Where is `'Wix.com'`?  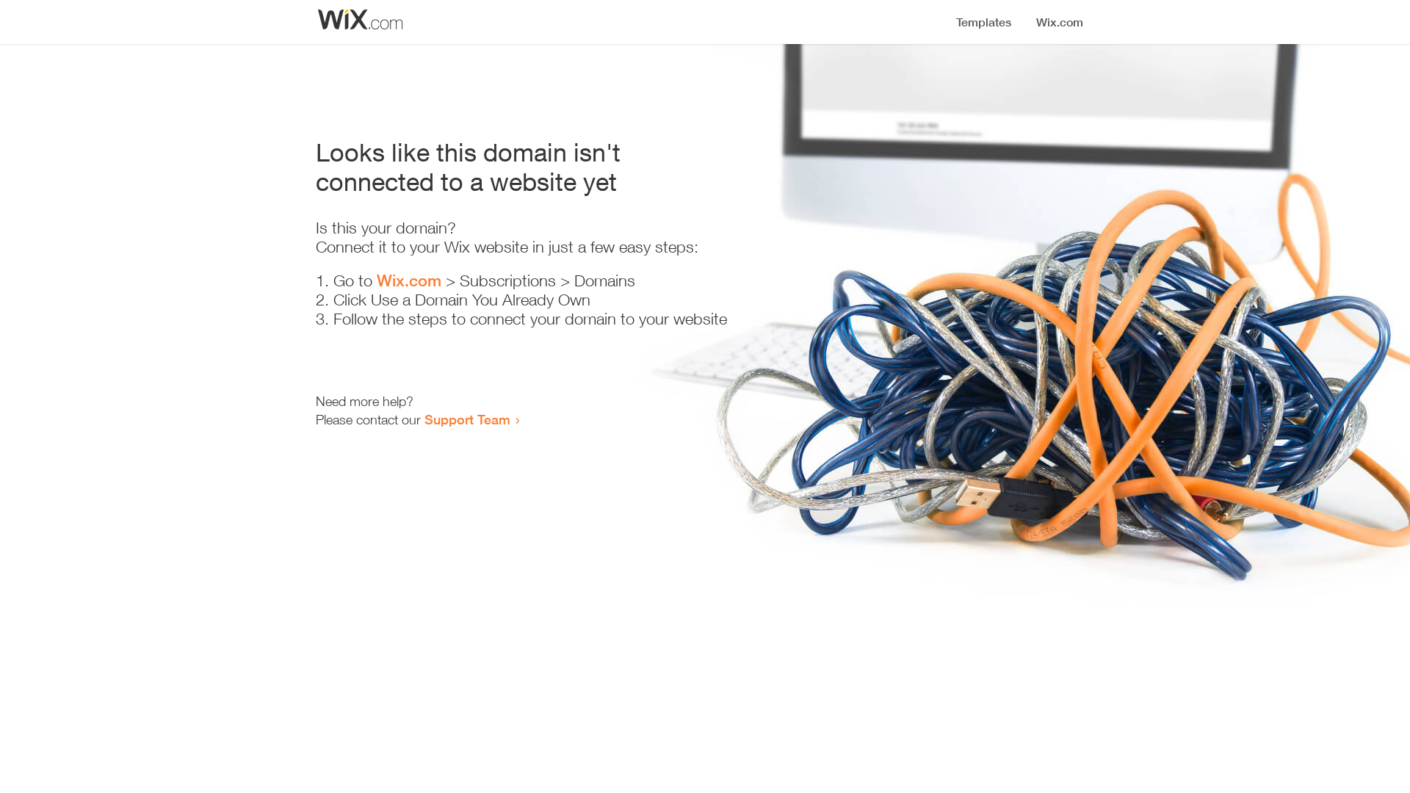 'Wix.com' is located at coordinates (408, 280).